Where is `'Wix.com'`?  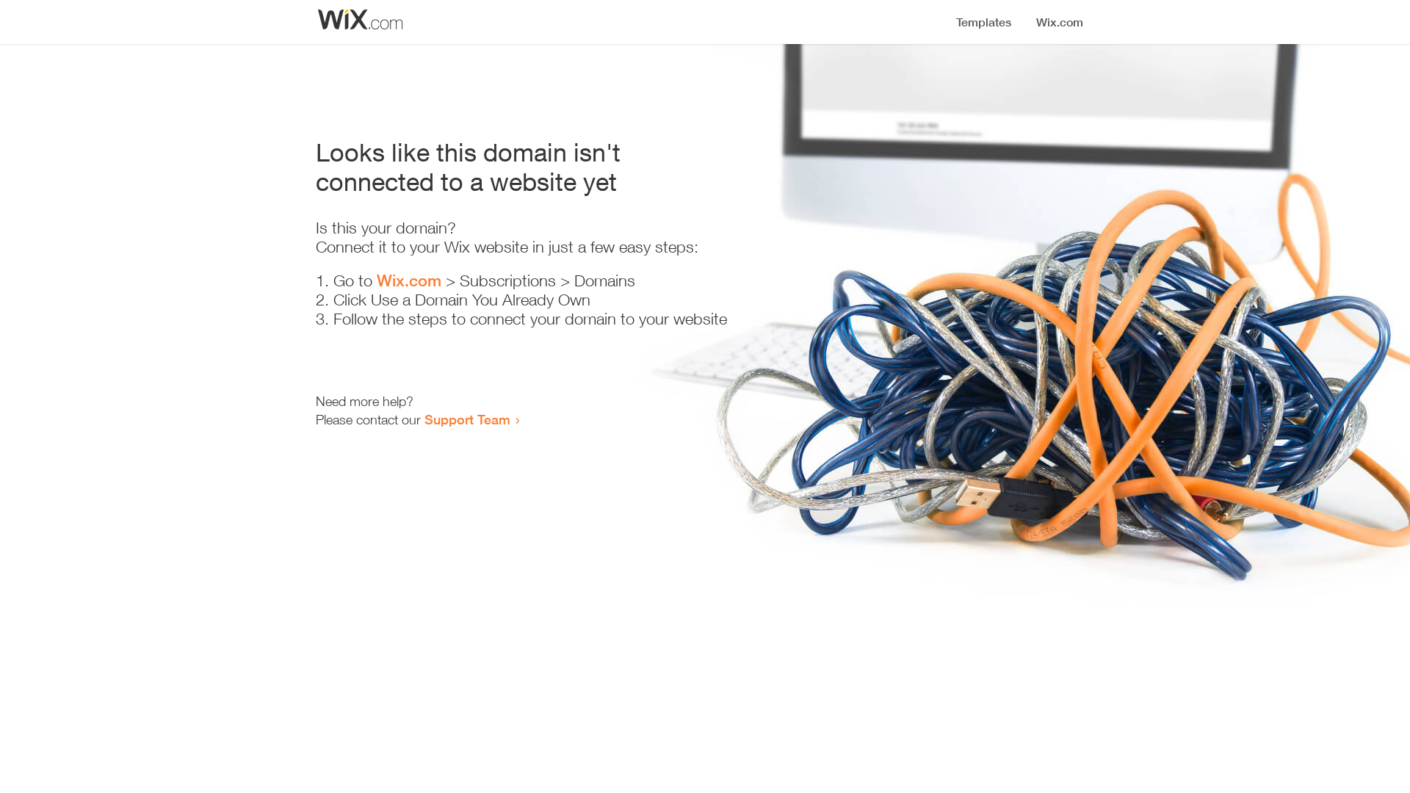 'Wix.com' is located at coordinates (408, 280).